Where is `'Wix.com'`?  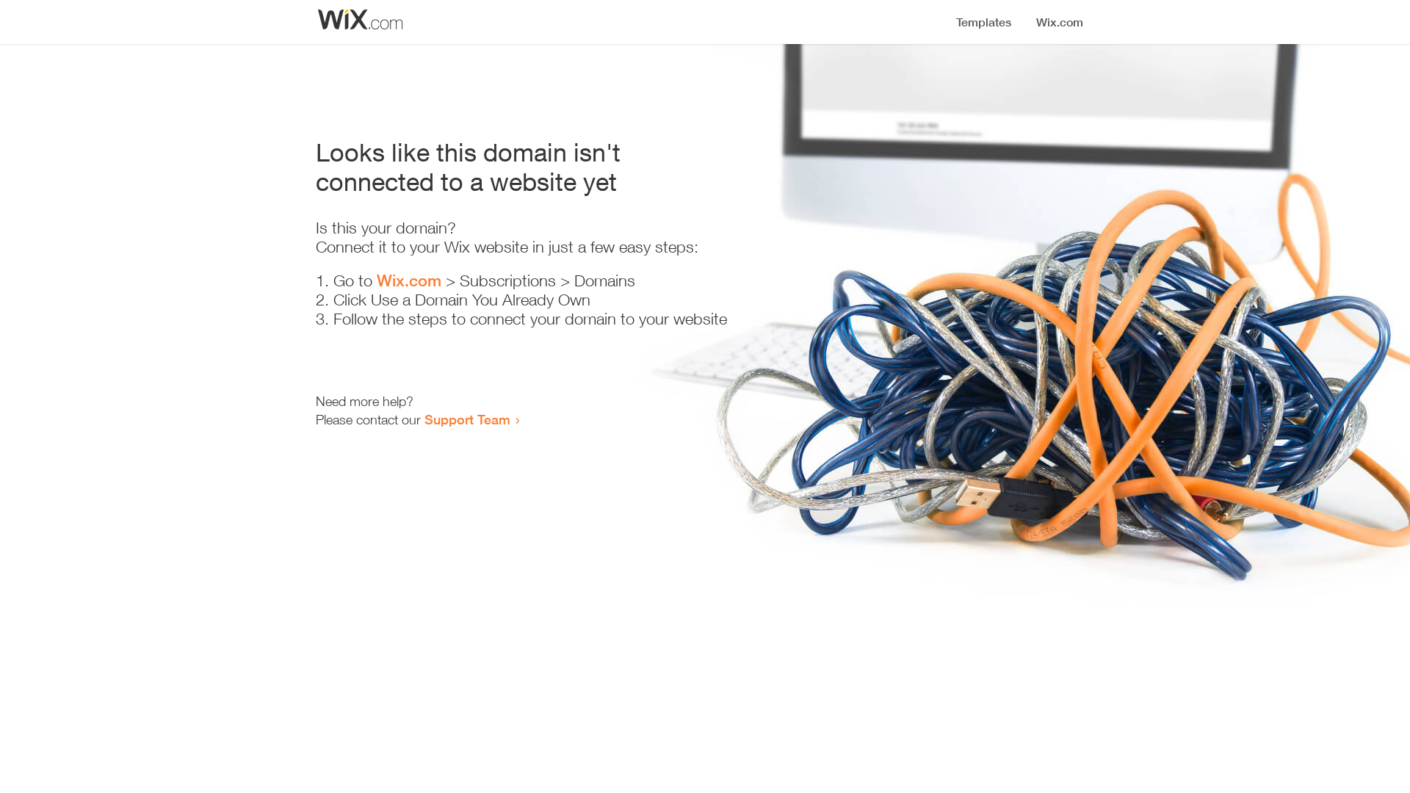 'Wix.com' is located at coordinates (408, 280).